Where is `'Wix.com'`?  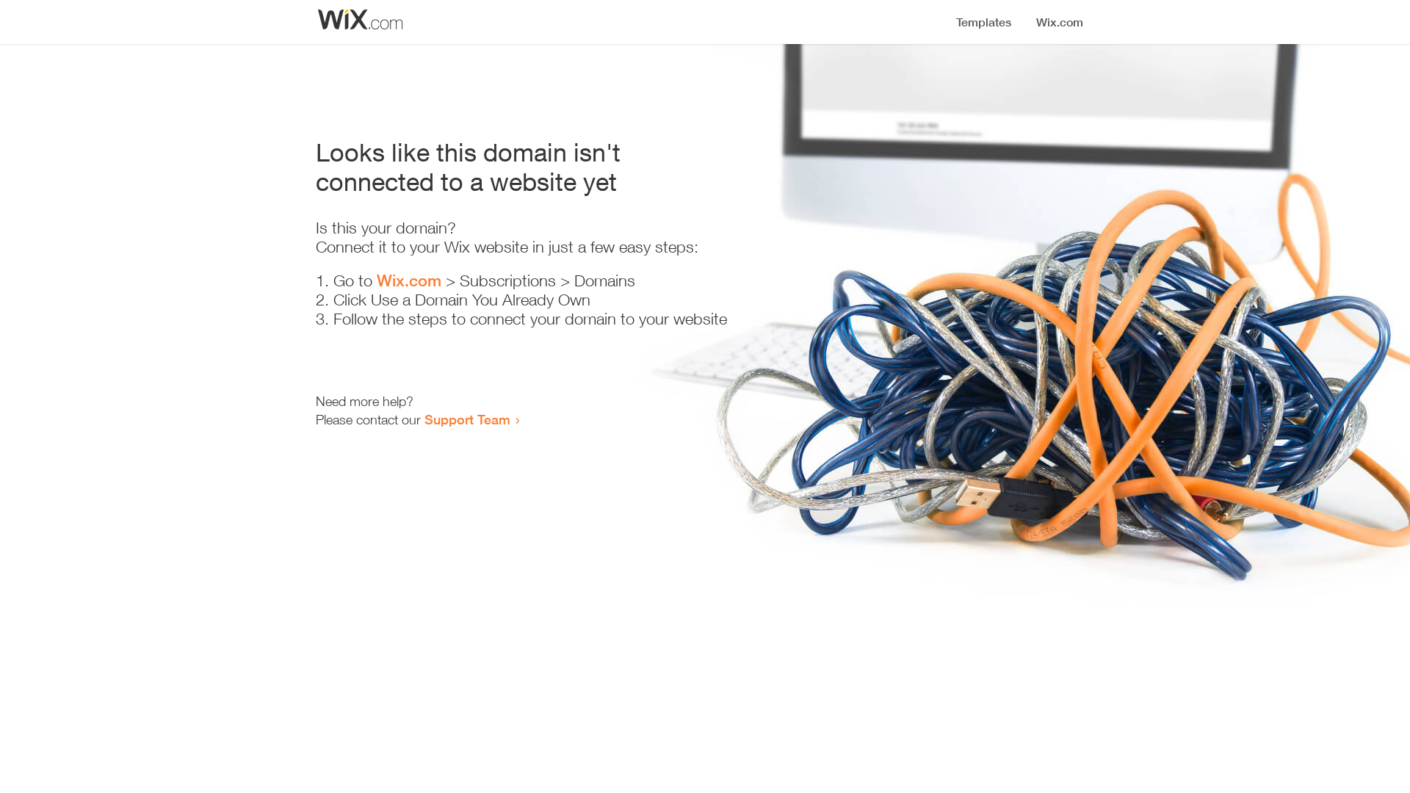 'Wix.com' is located at coordinates (408, 280).